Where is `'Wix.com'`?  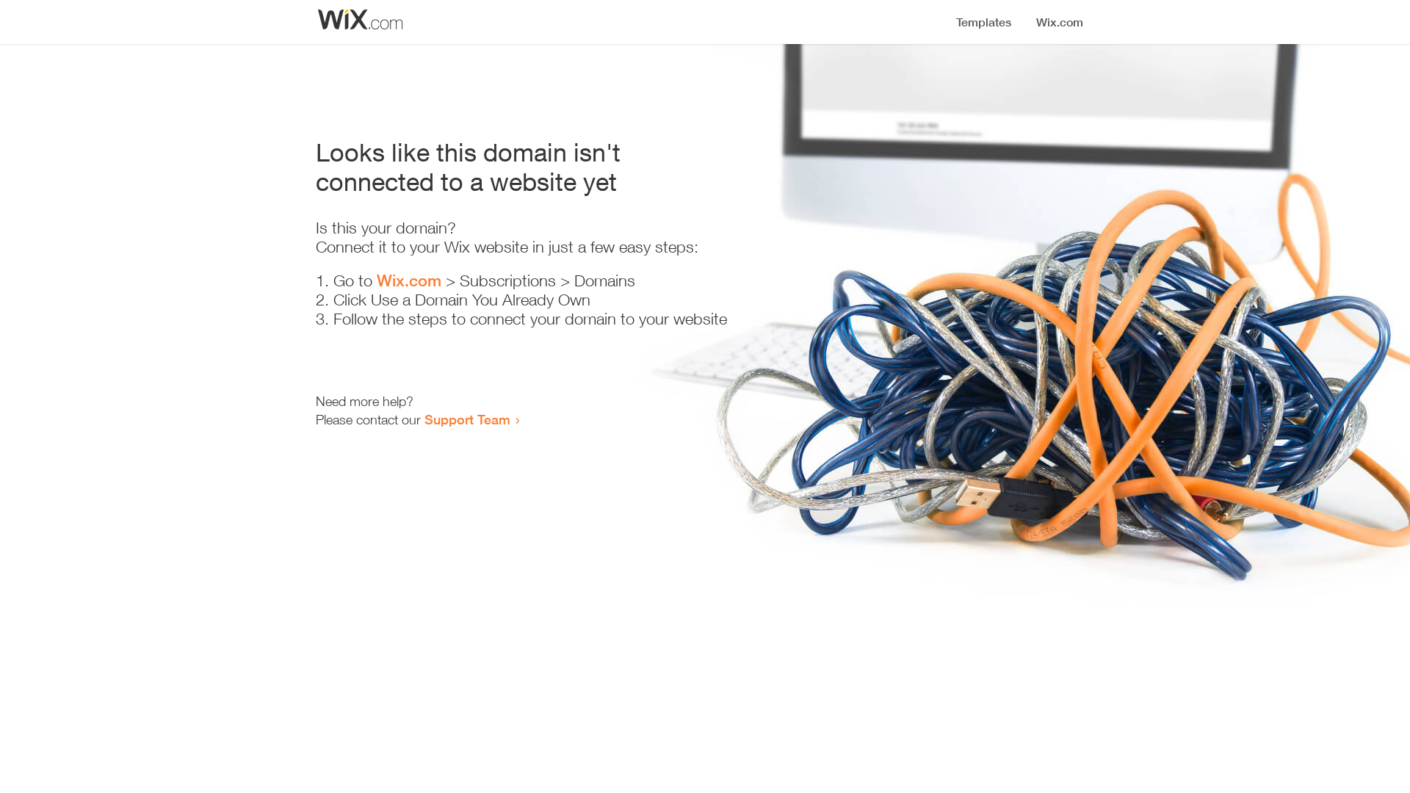 'Wix.com' is located at coordinates (408, 280).